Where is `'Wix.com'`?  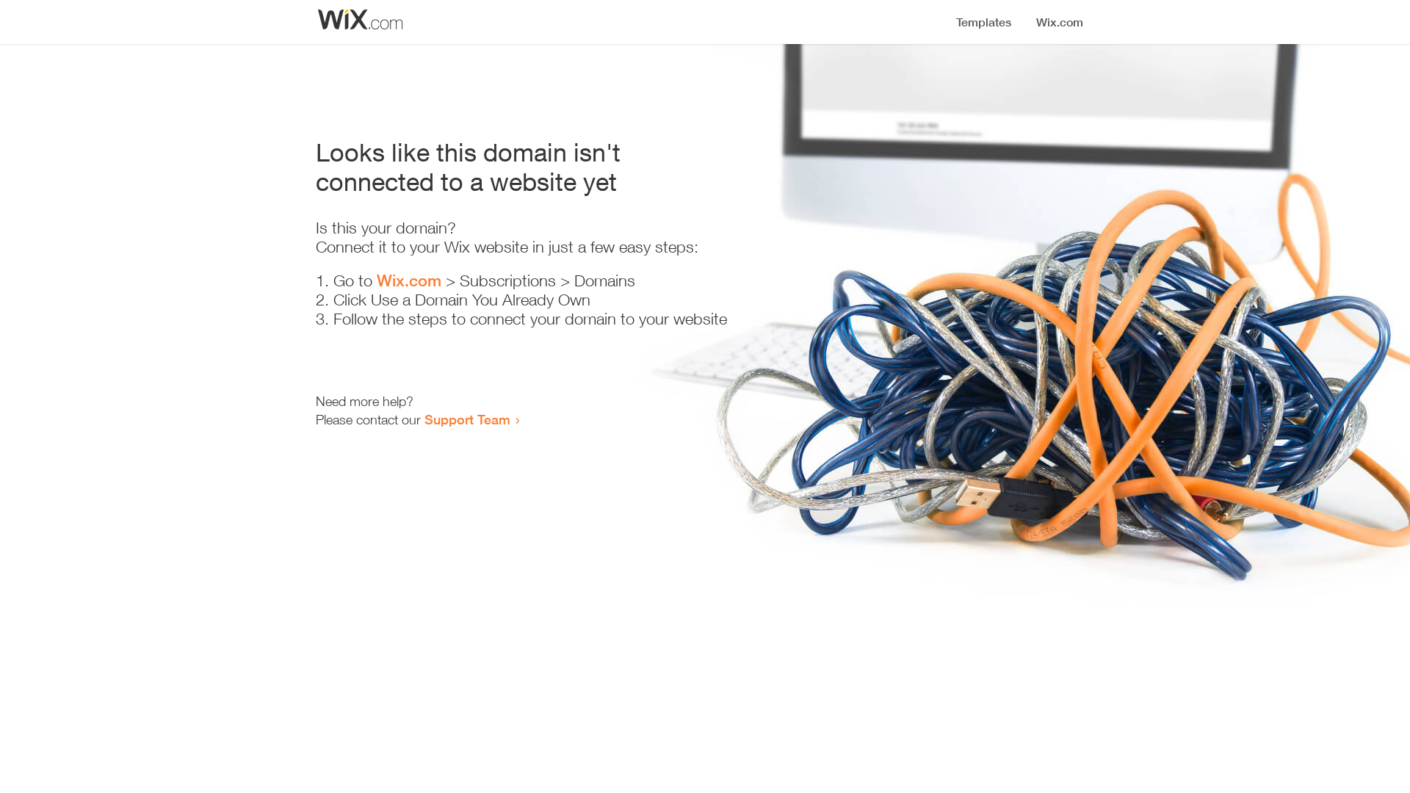 'Wix.com' is located at coordinates (408, 280).